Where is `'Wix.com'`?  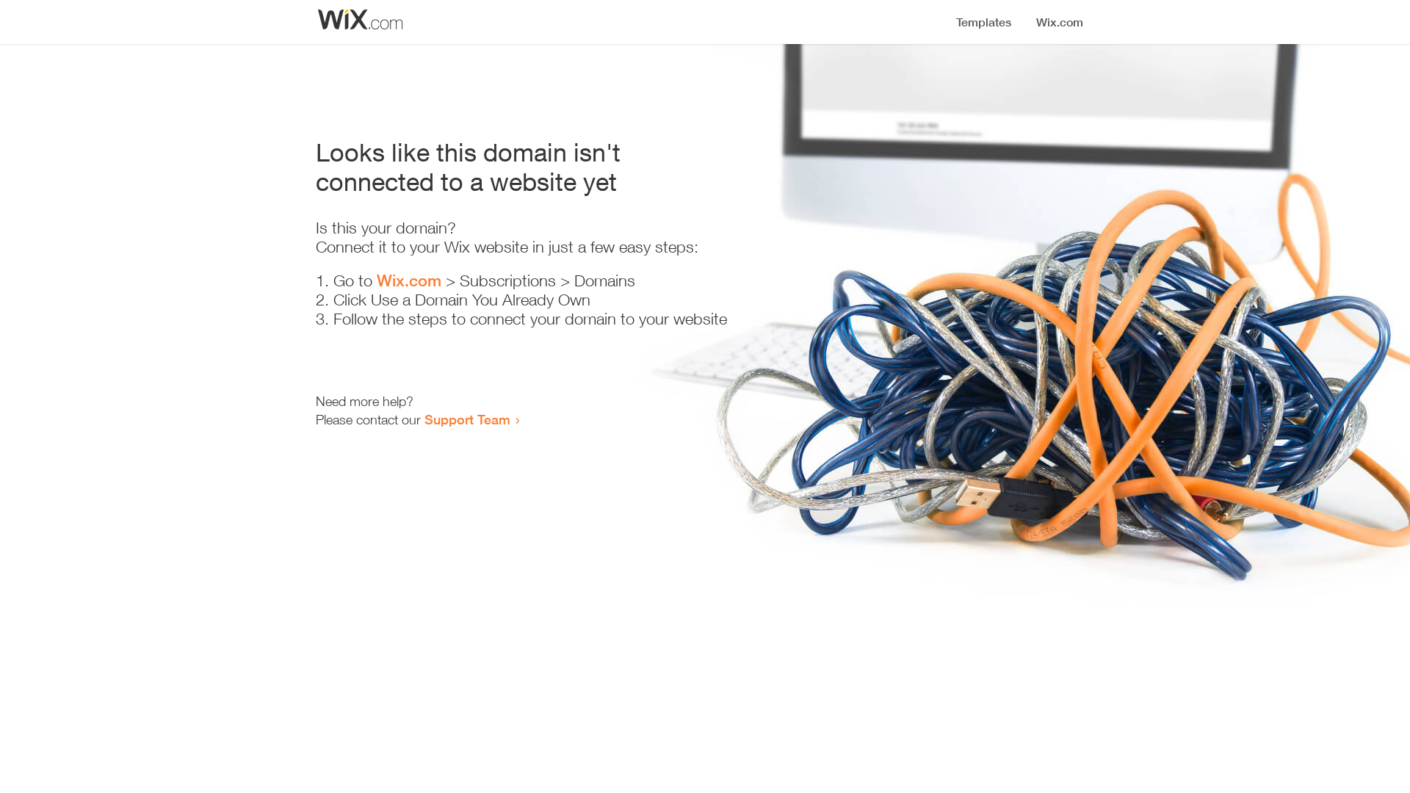 'Wix.com' is located at coordinates (408, 280).